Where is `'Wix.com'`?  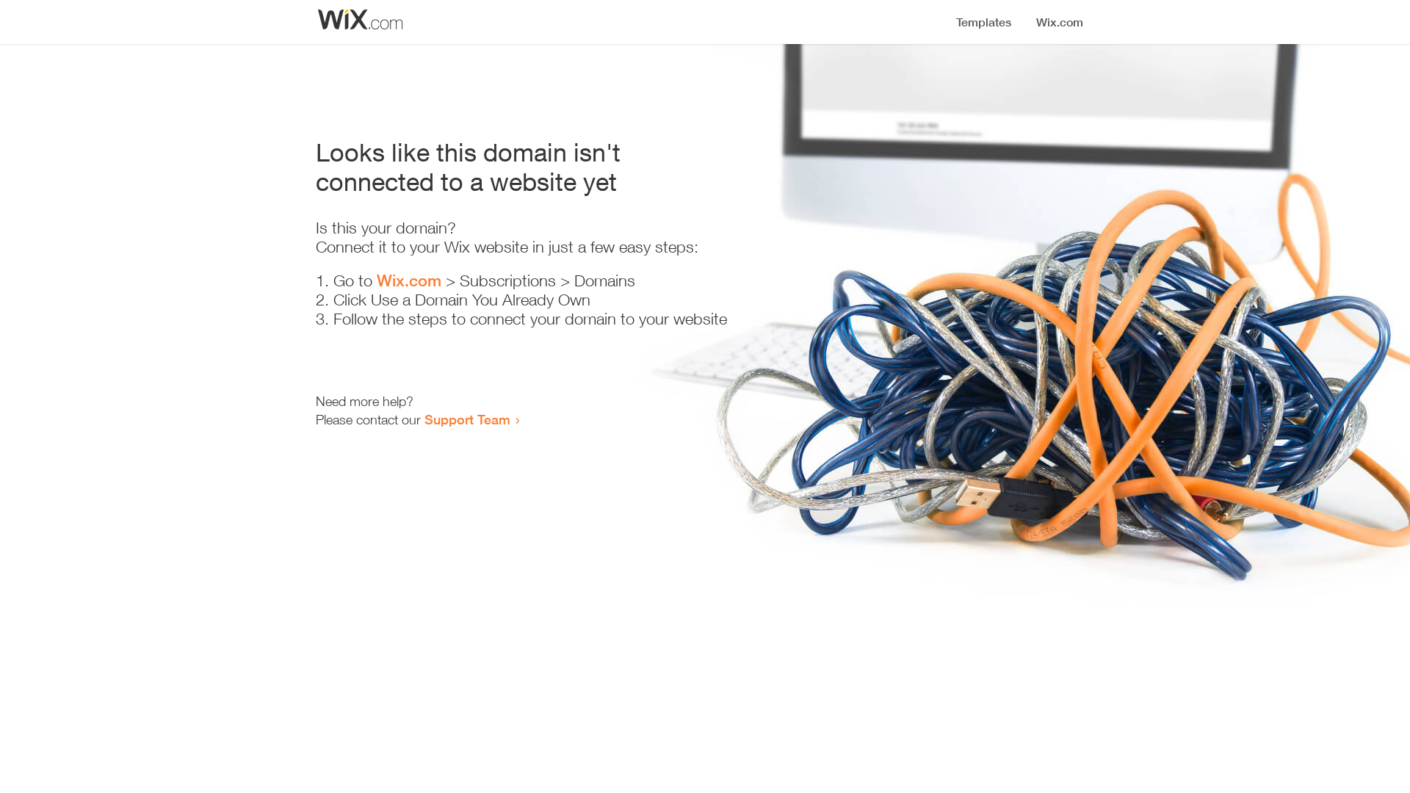 'Wix.com' is located at coordinates (408, 280).